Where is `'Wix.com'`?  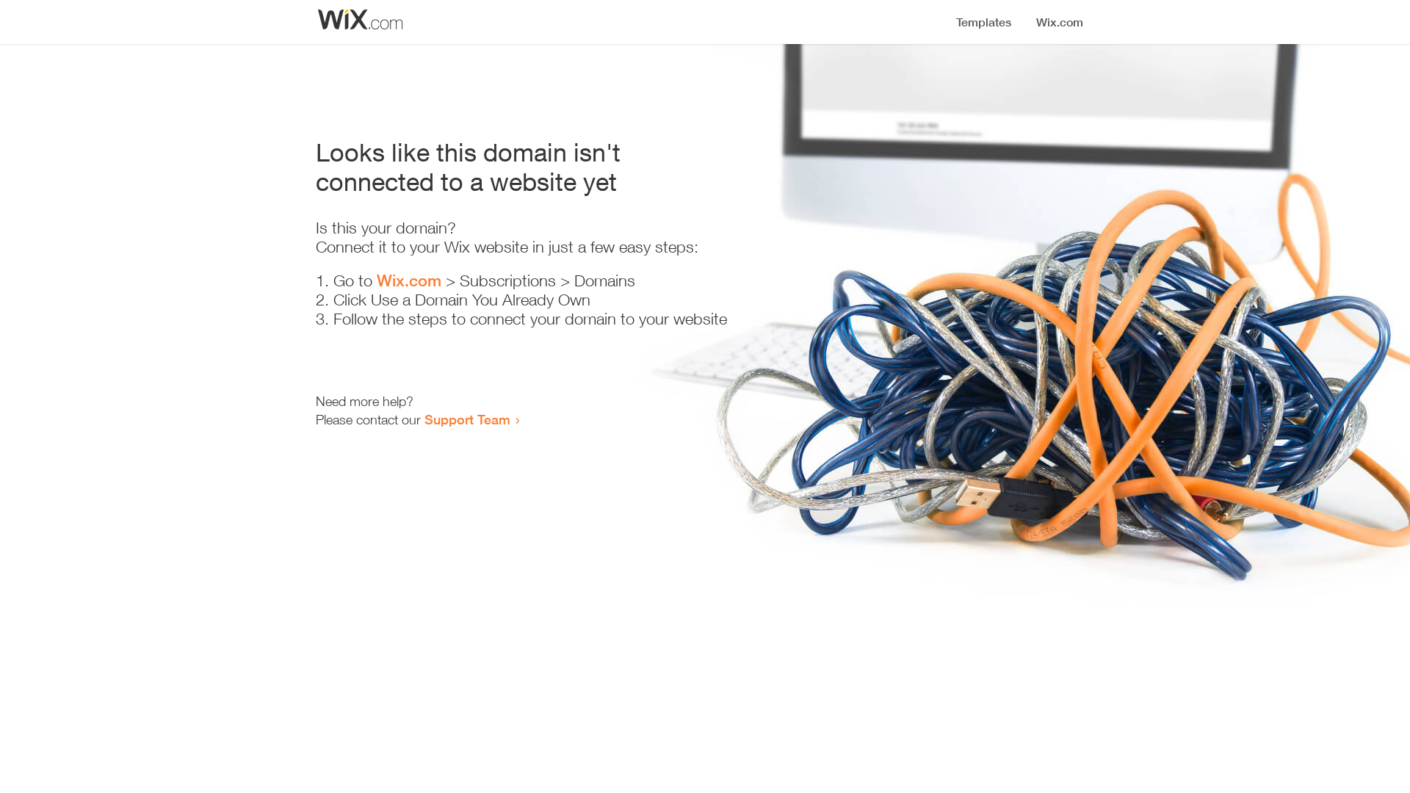 'Wix.com' is located at coordinates (408, 280).